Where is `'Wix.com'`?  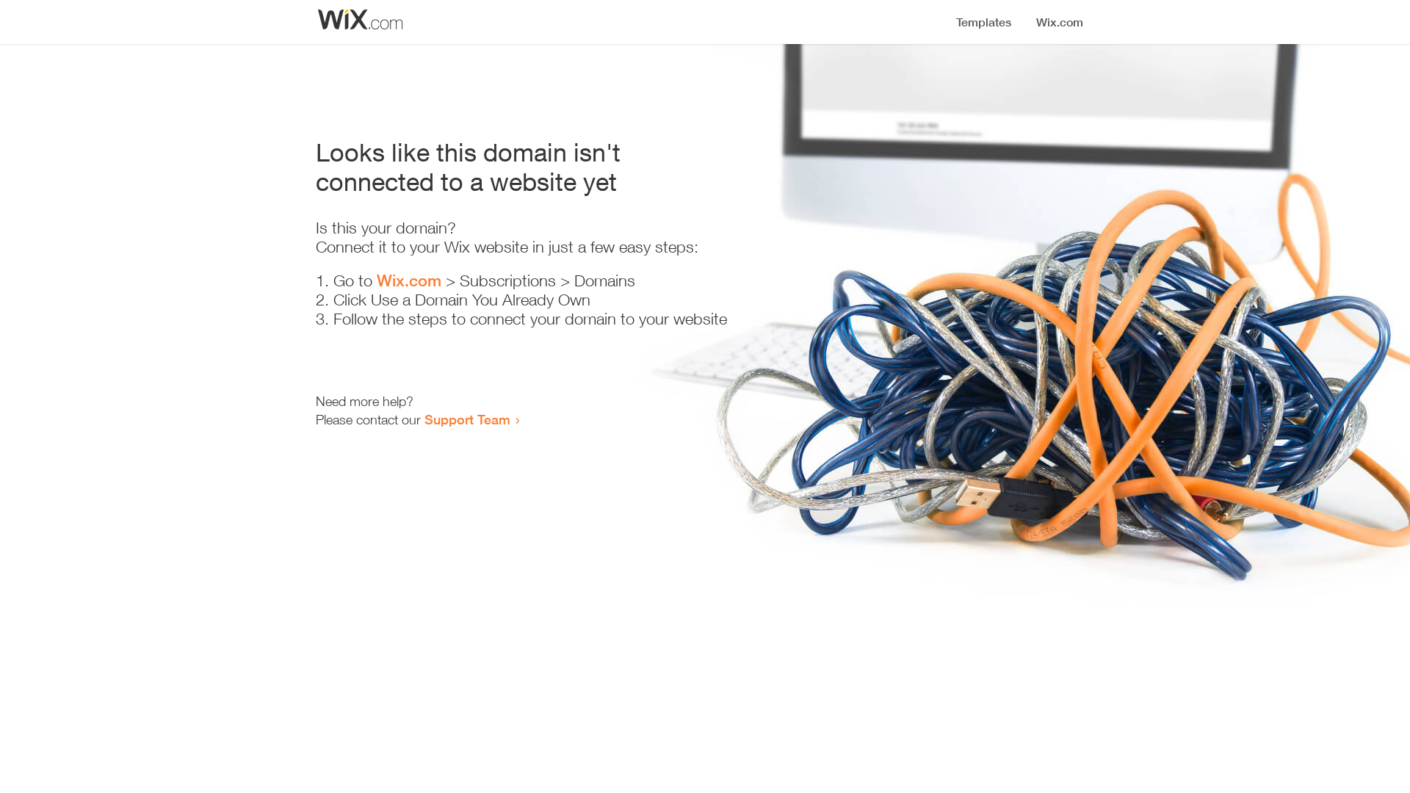 'Wix.com' is located at coordinates (408, 280).